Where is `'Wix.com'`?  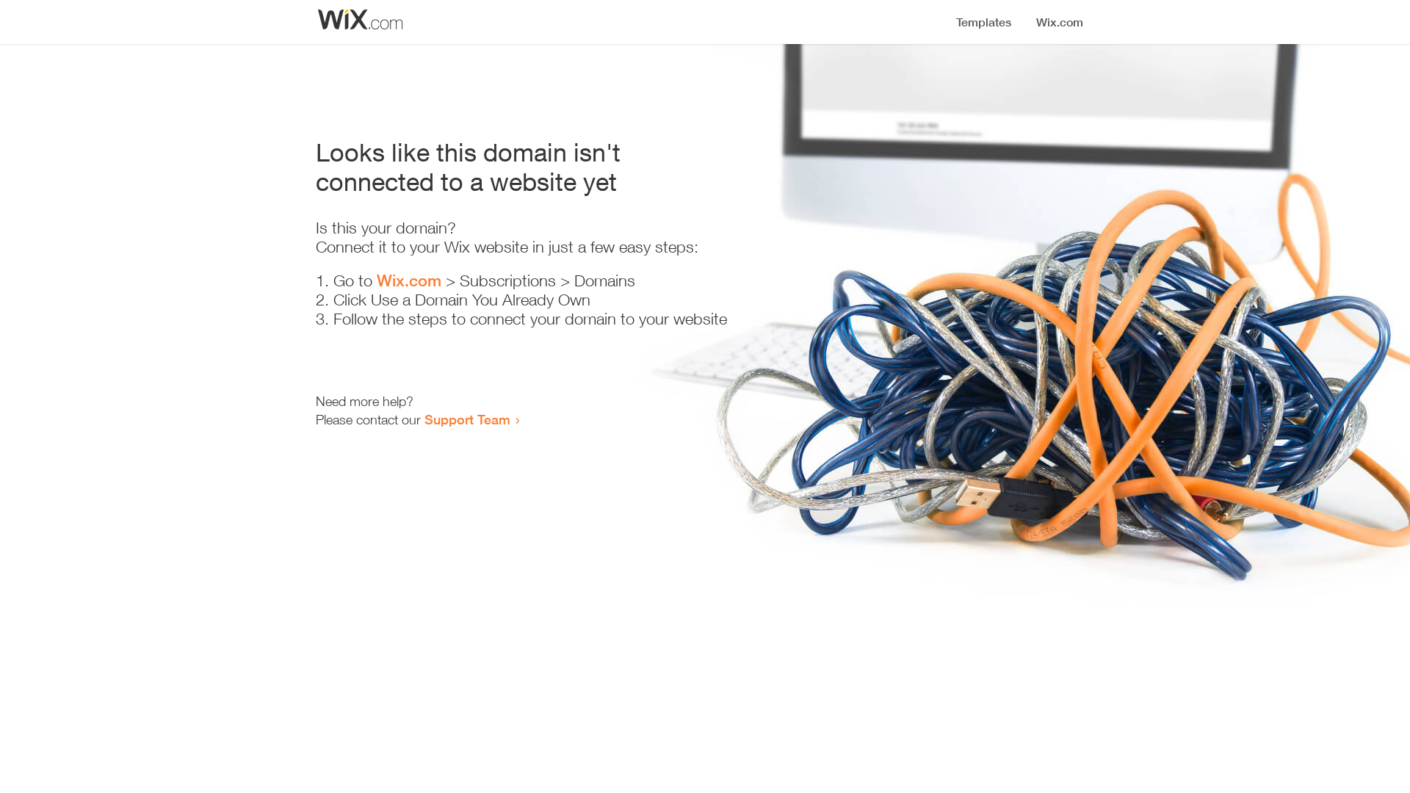 'Wix.com' is located at coordinates (408, 280).